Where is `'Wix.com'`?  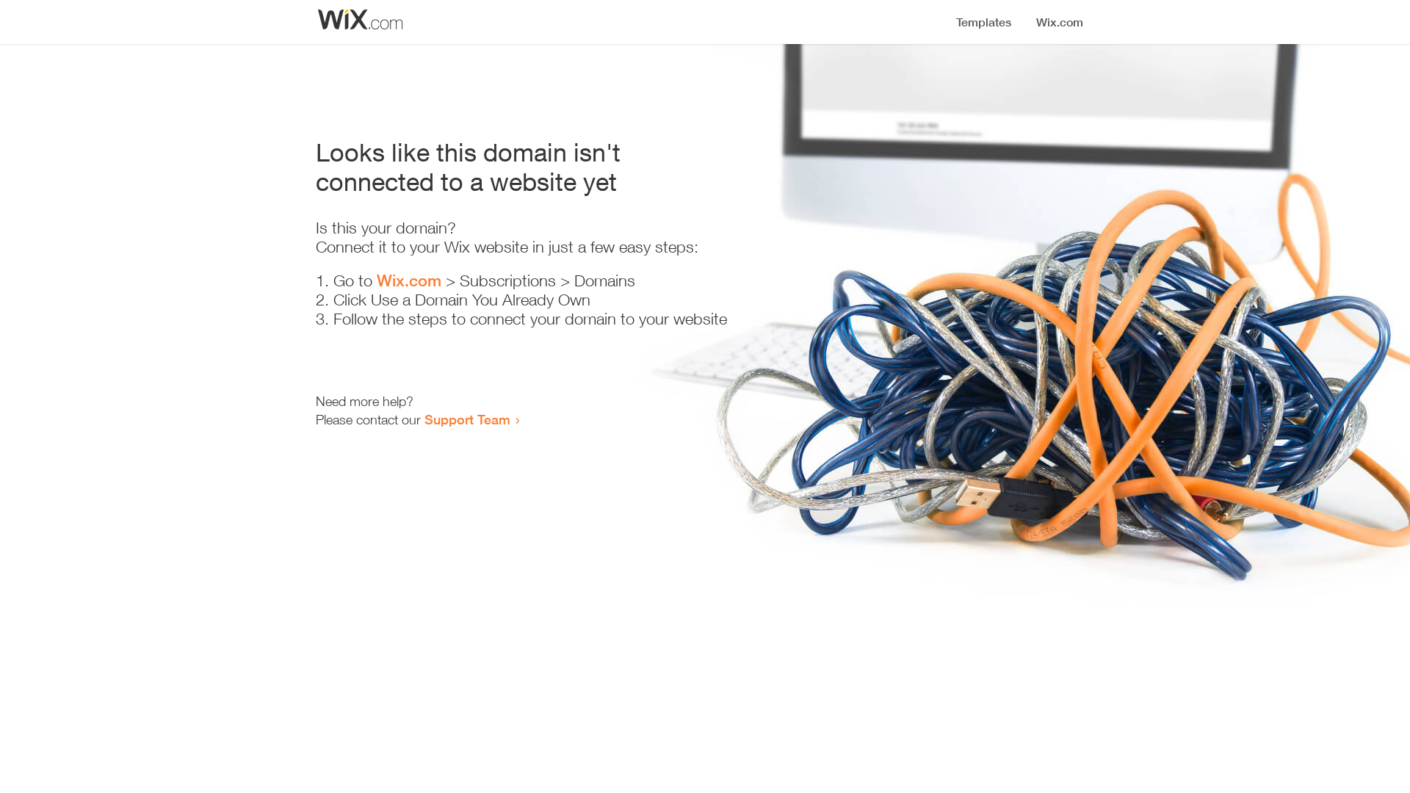 'Wix.com' is located at coordinates (408, 280).